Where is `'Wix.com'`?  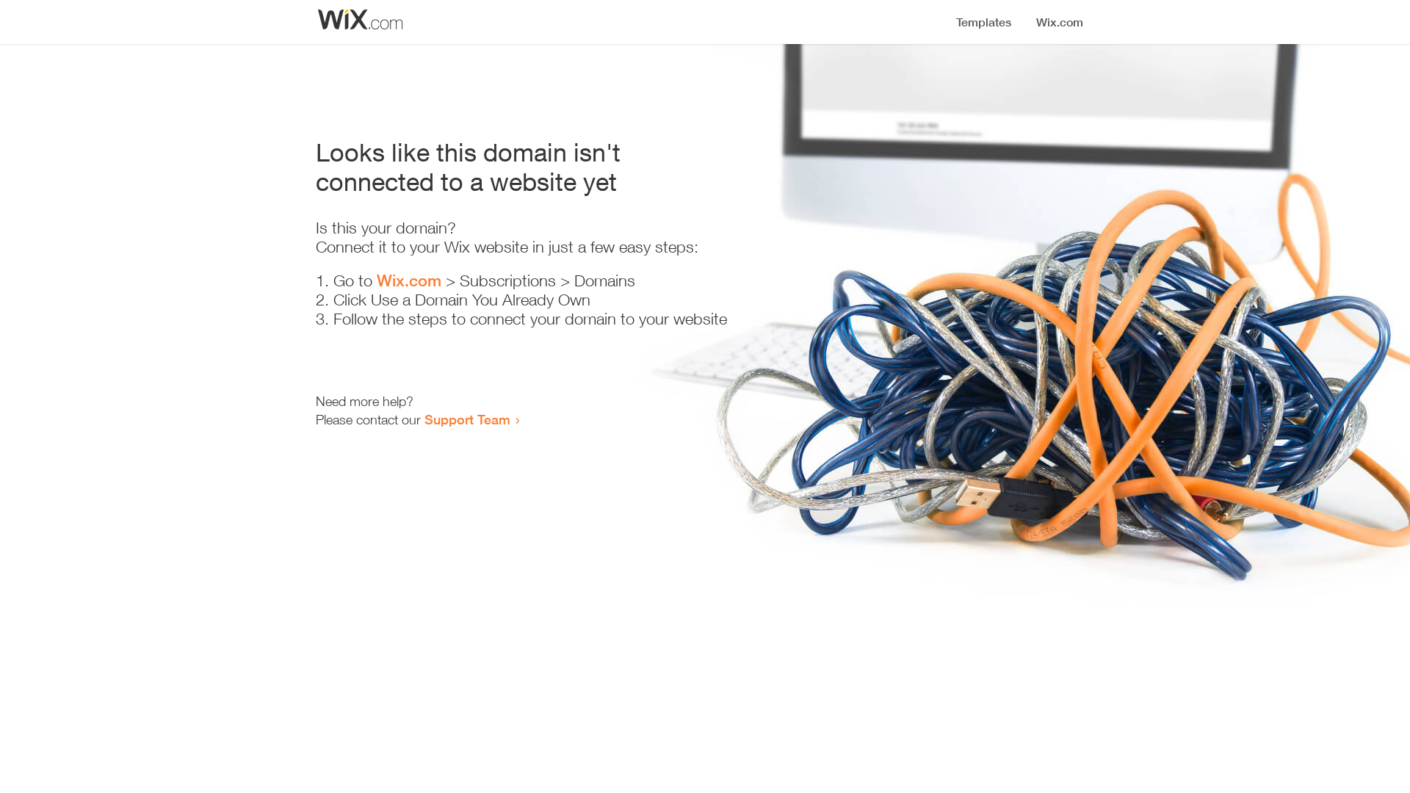 'Wix.com' is located at coordinates (408, 280).